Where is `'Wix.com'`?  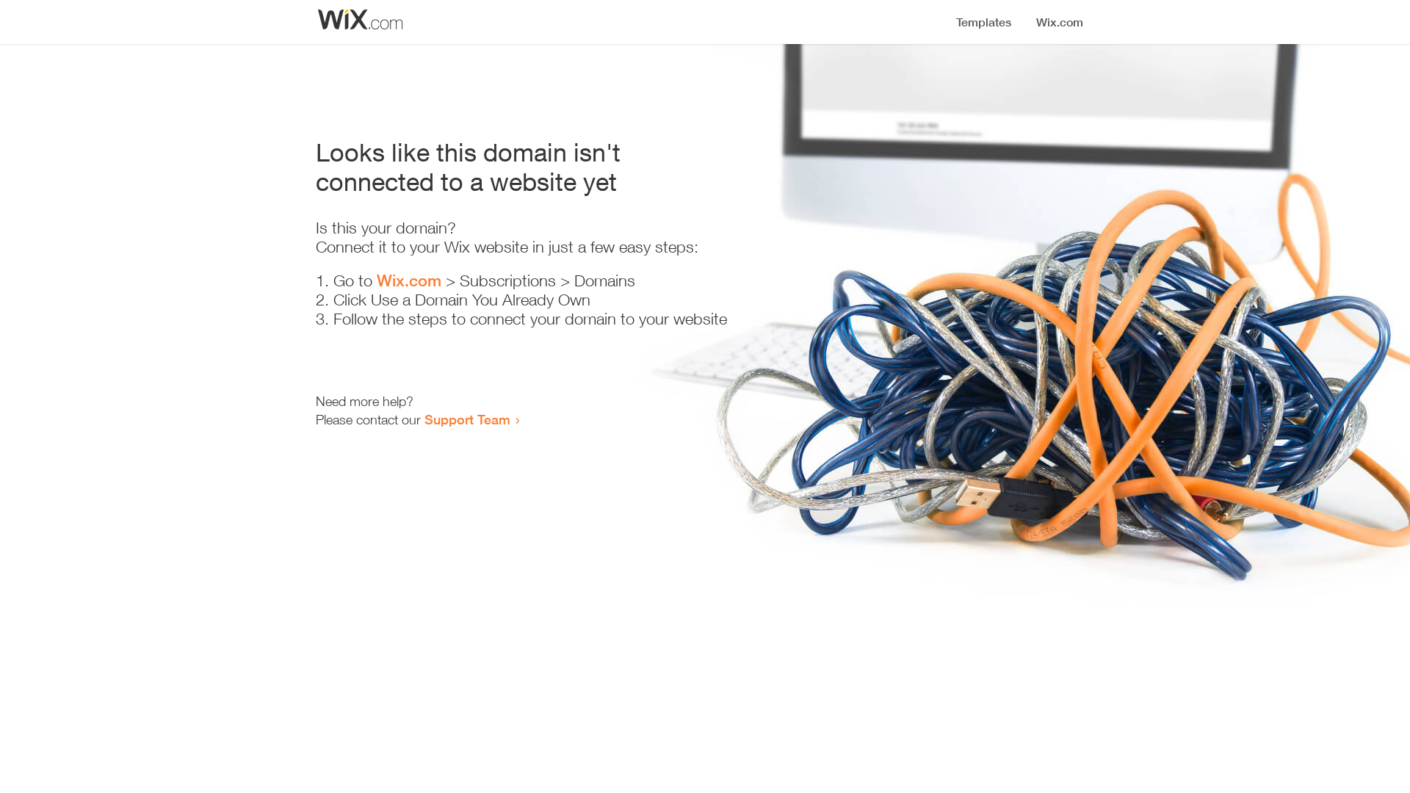 'Wix.com' is located at coordinates (408, 280).